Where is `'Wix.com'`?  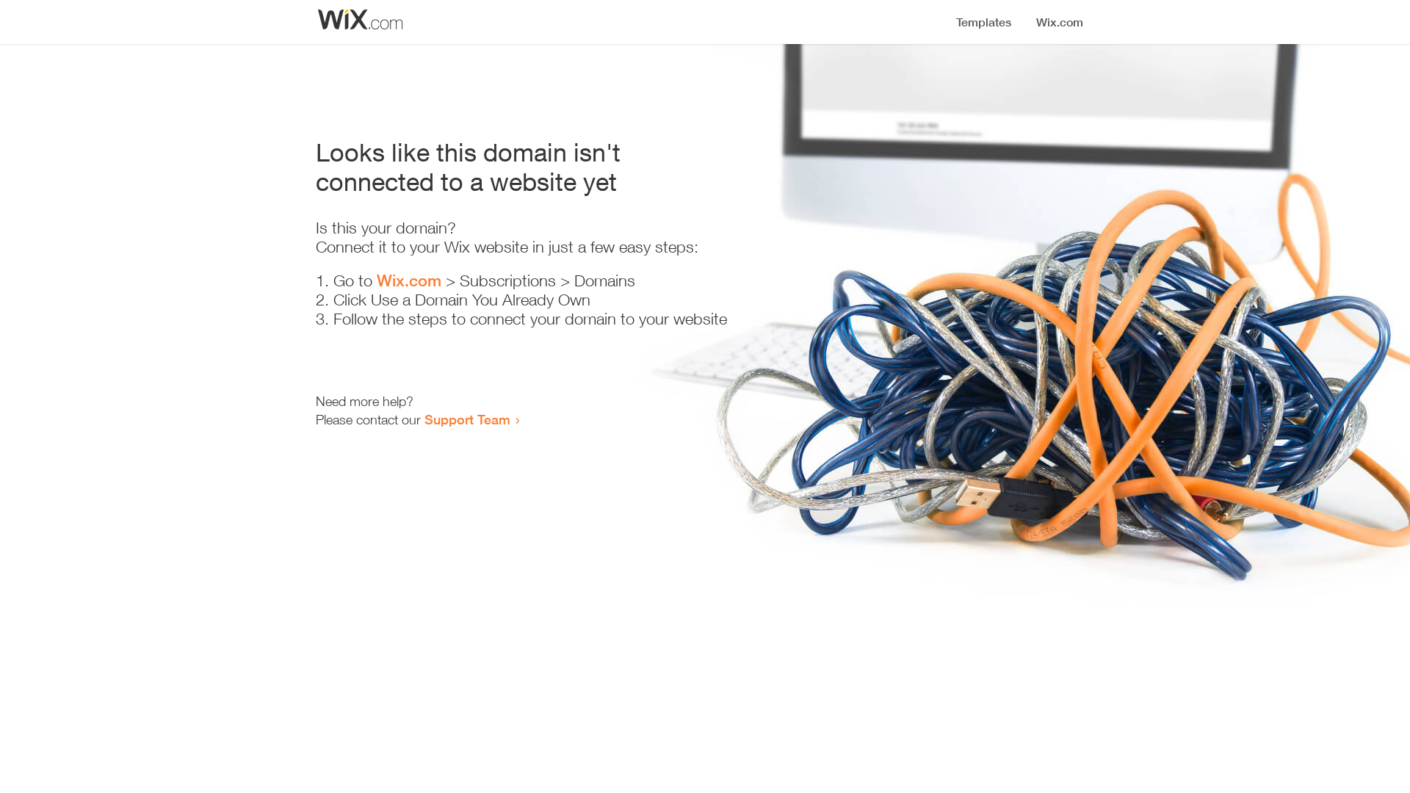 'Wix.com' is located at coordinates (408, 280).